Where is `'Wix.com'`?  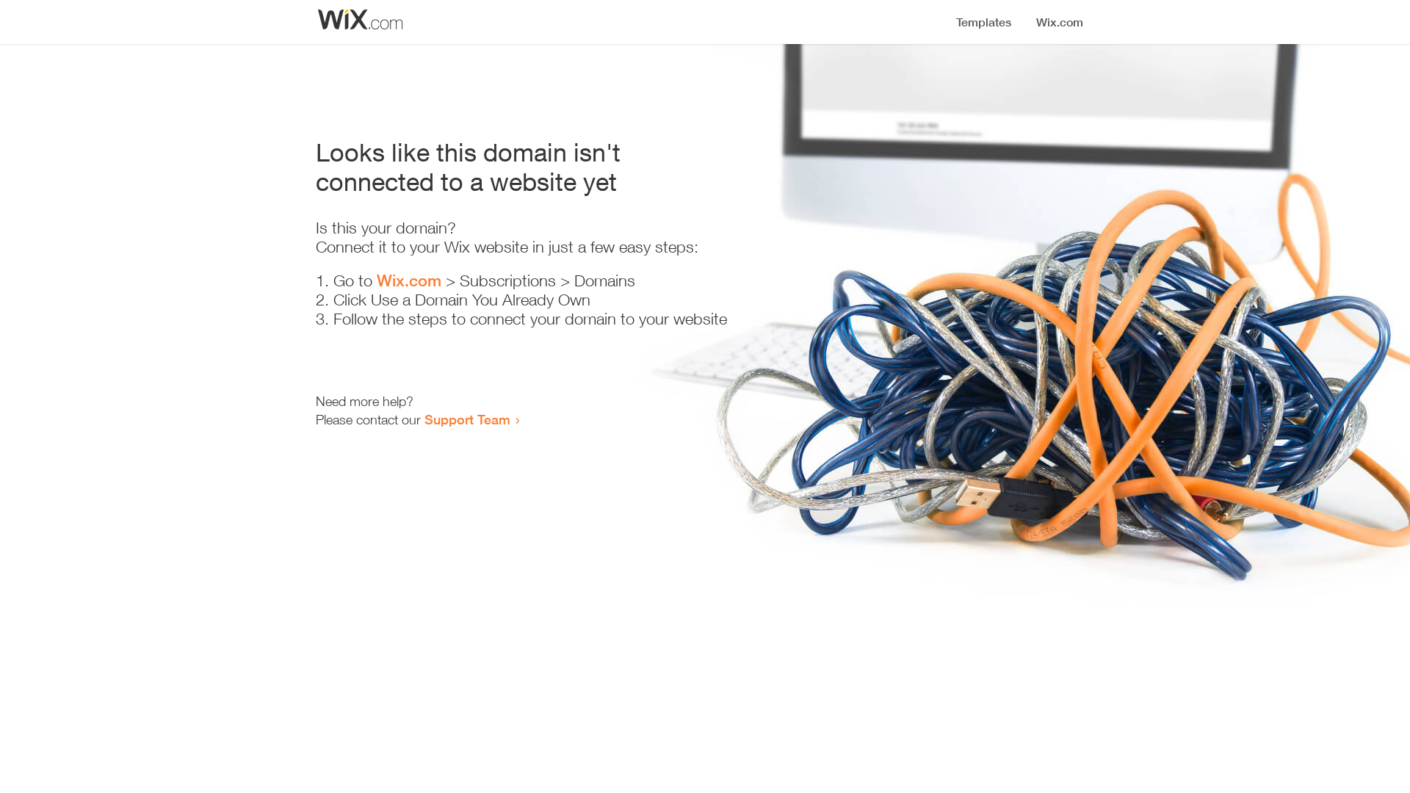 'Wix.com' is located at coordinates (408, 280).